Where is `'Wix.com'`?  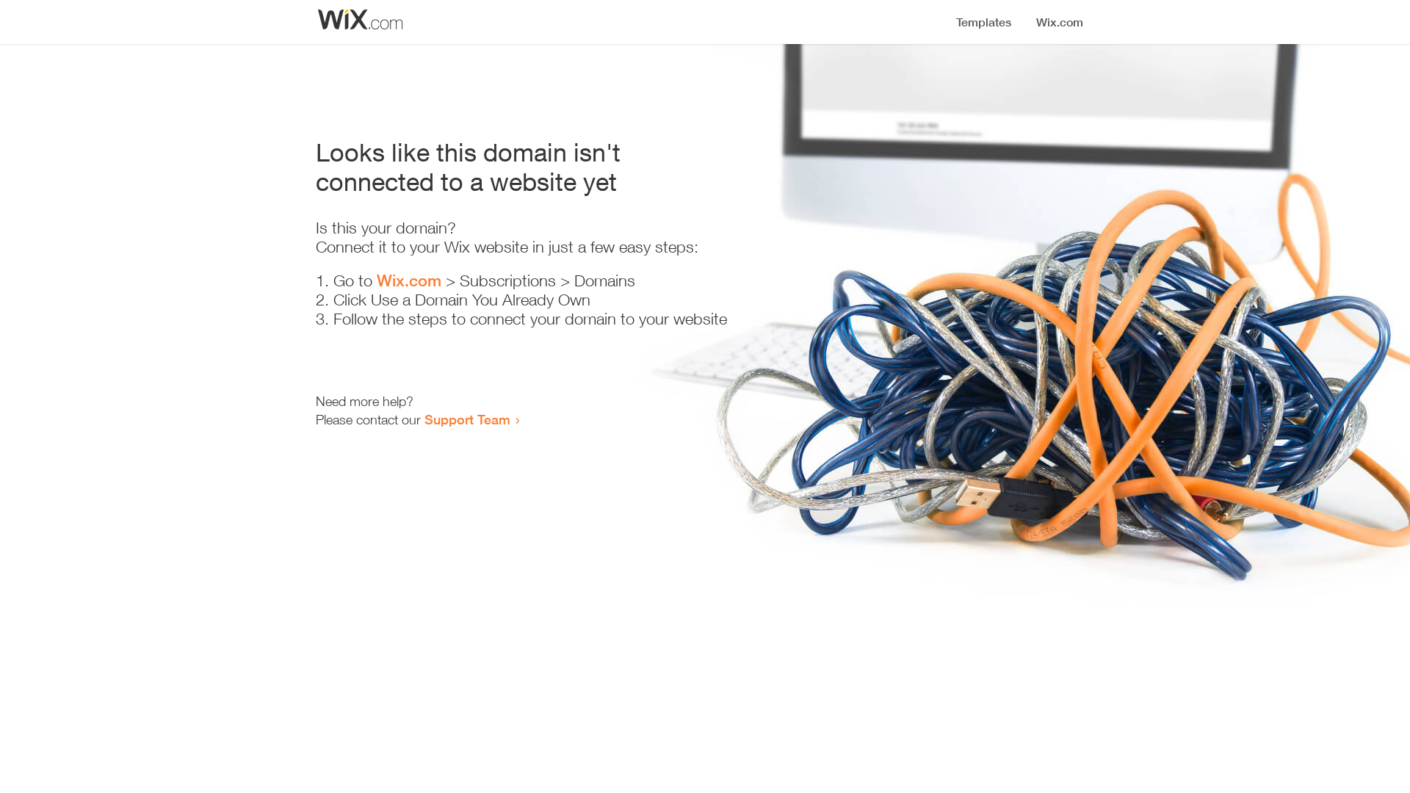 'Wix.com' is located at coordinates (408, 280).